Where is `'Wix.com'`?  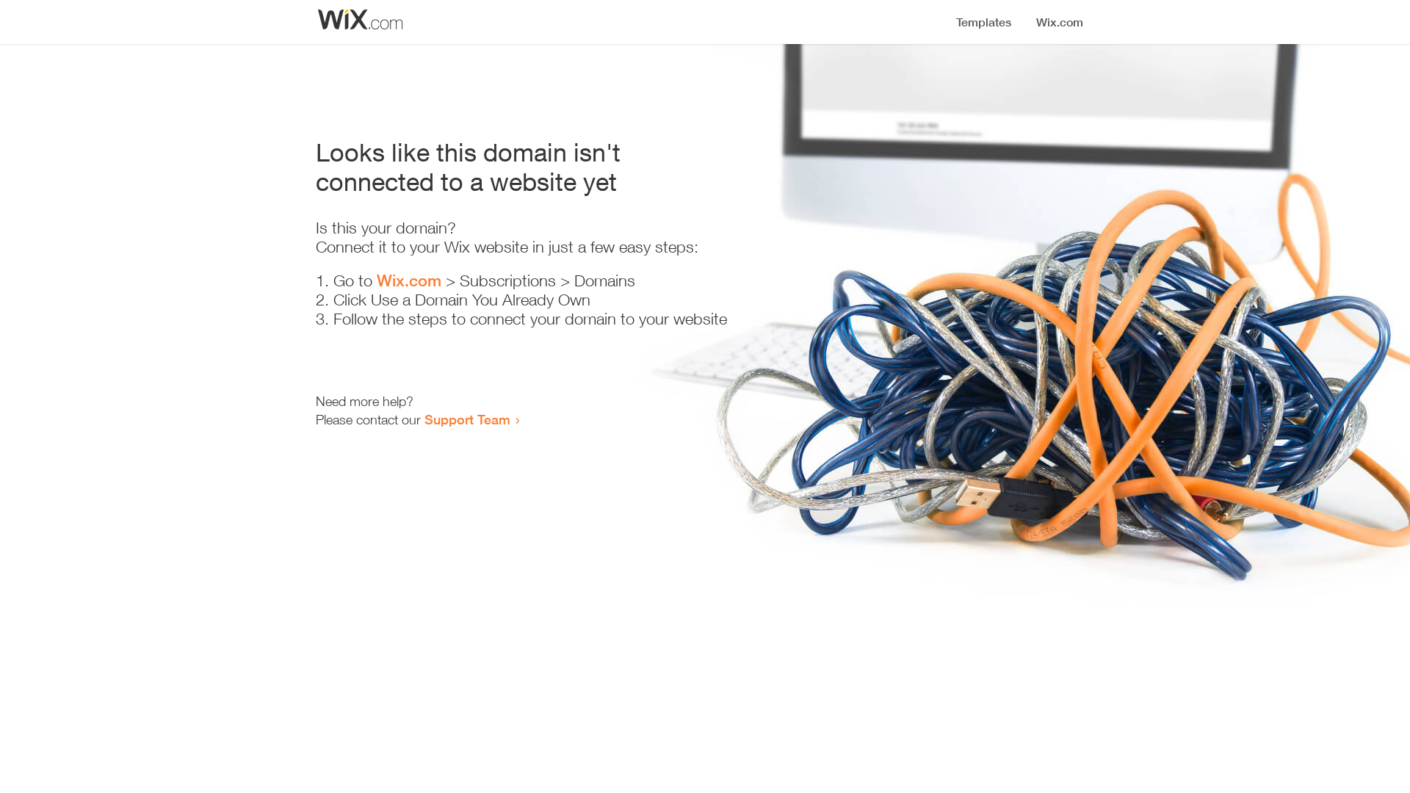 'Wix.com' is located at coordinates (408, 280).